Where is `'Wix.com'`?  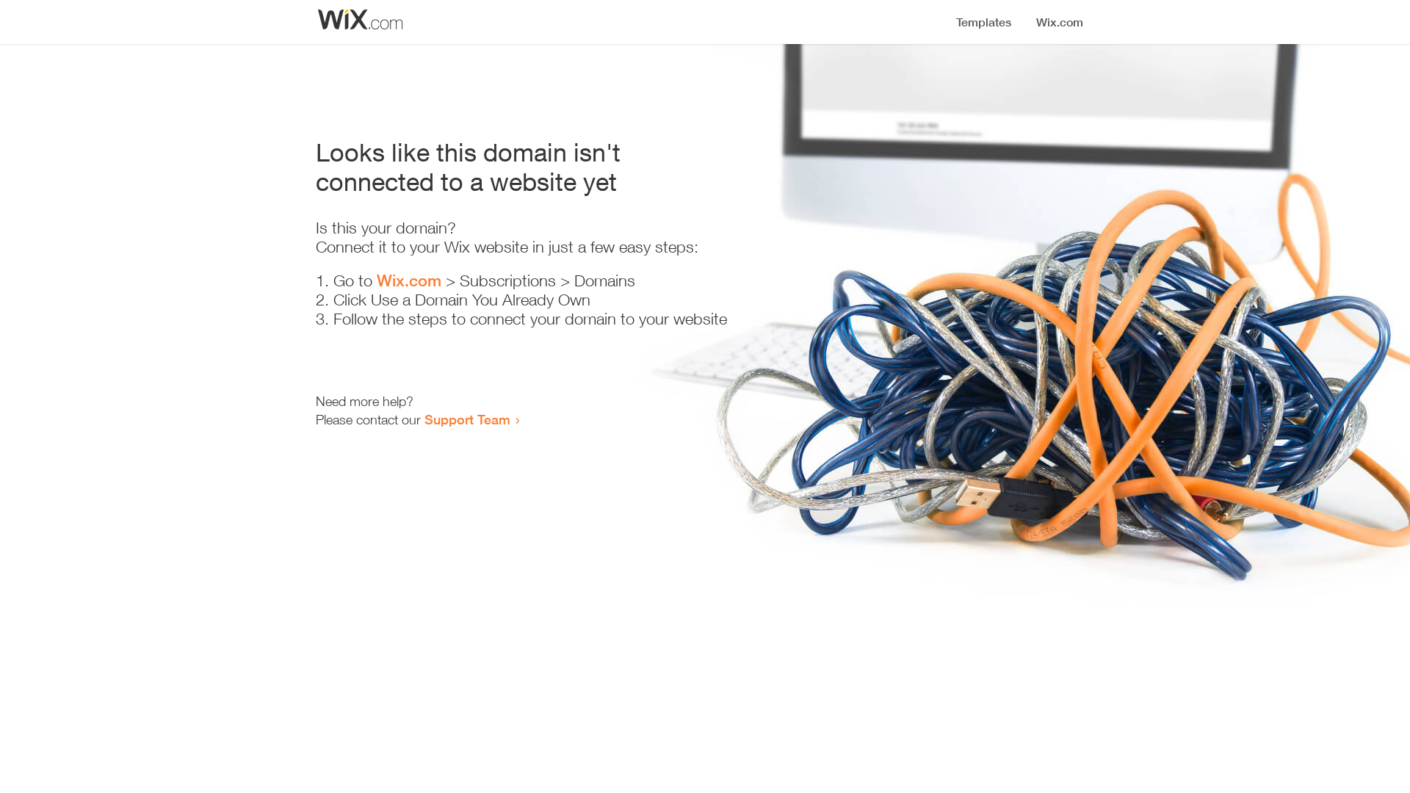 'Wix.com' is located at coordinates (408, 280).